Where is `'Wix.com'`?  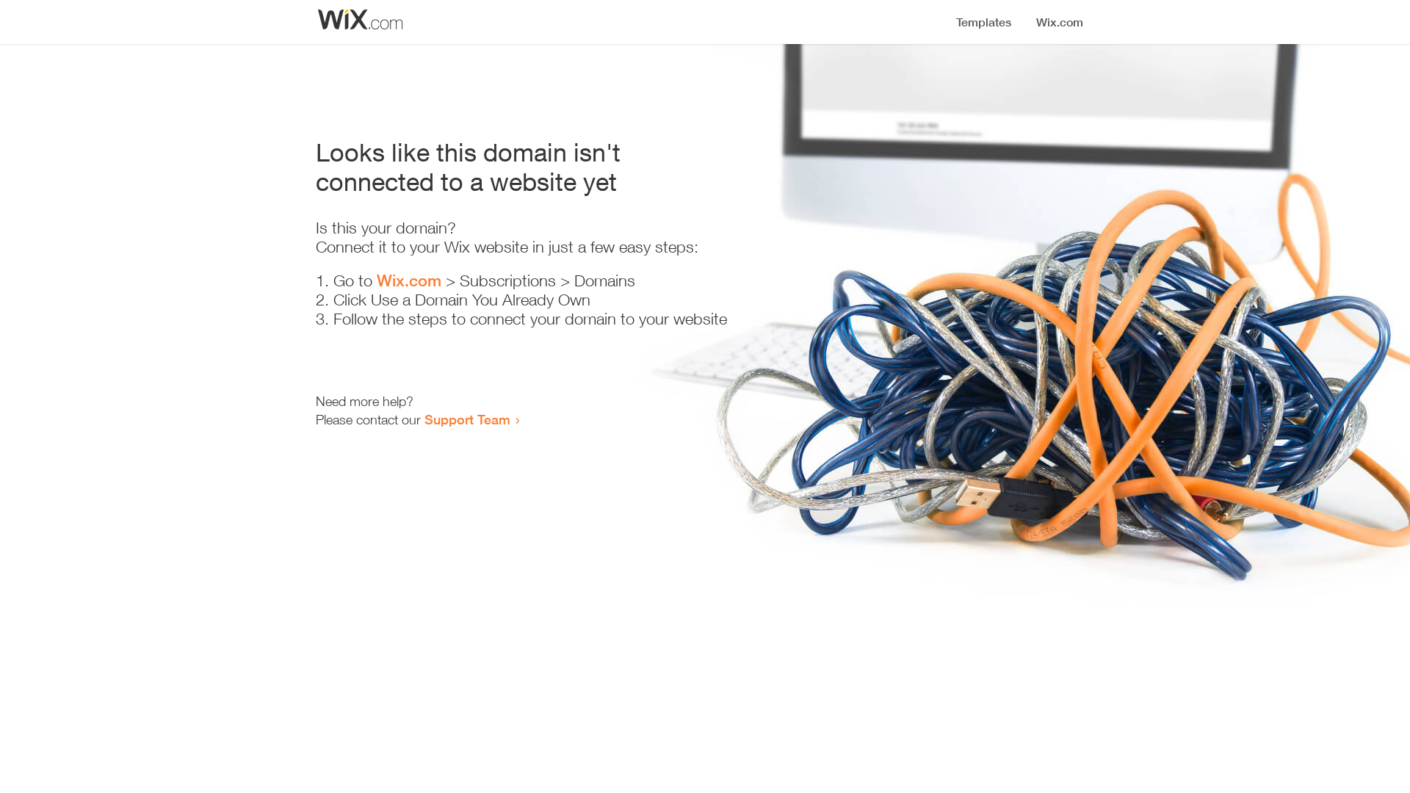 'Wix.com' is located at coordinates (408, 280).